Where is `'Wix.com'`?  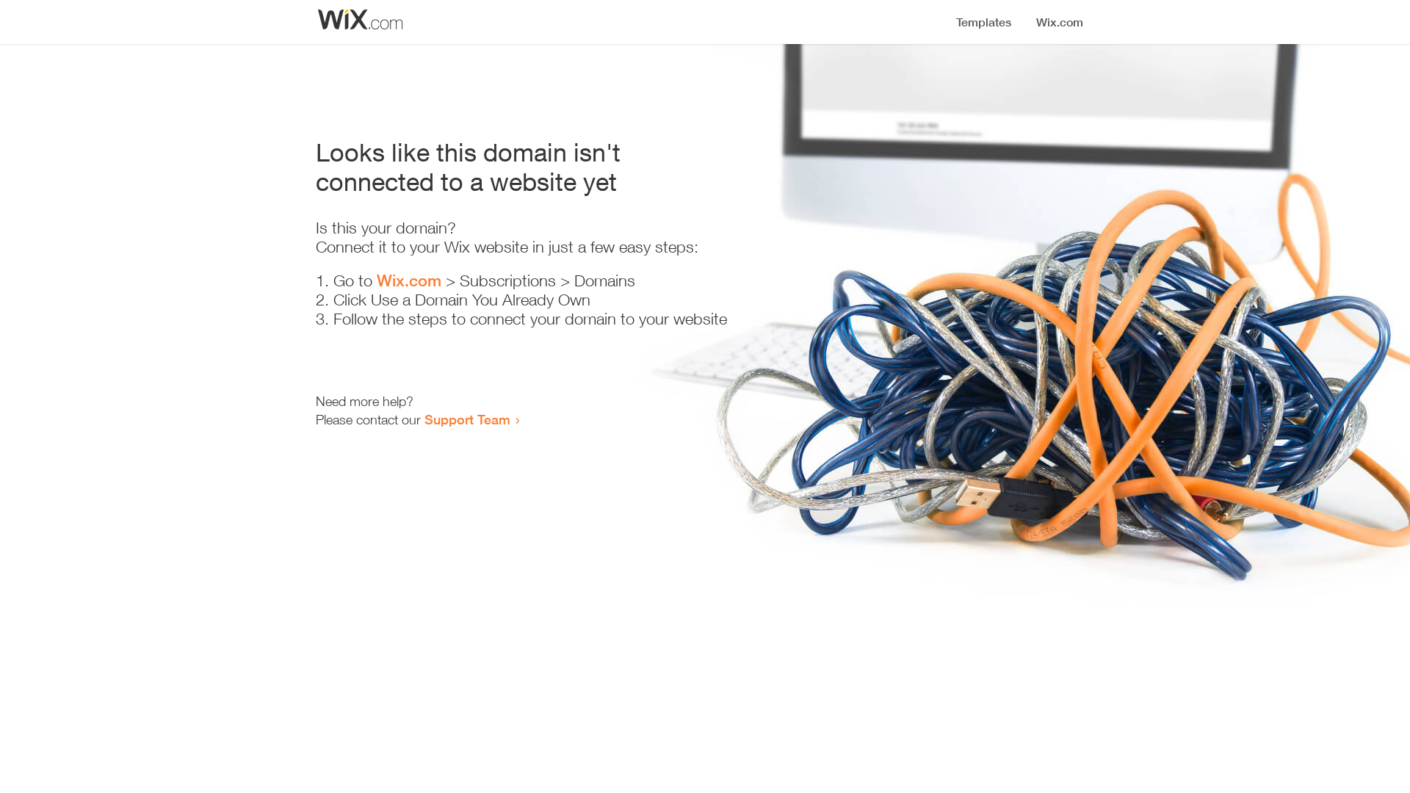 'Wix.com' is located at coordinates (408, 280).